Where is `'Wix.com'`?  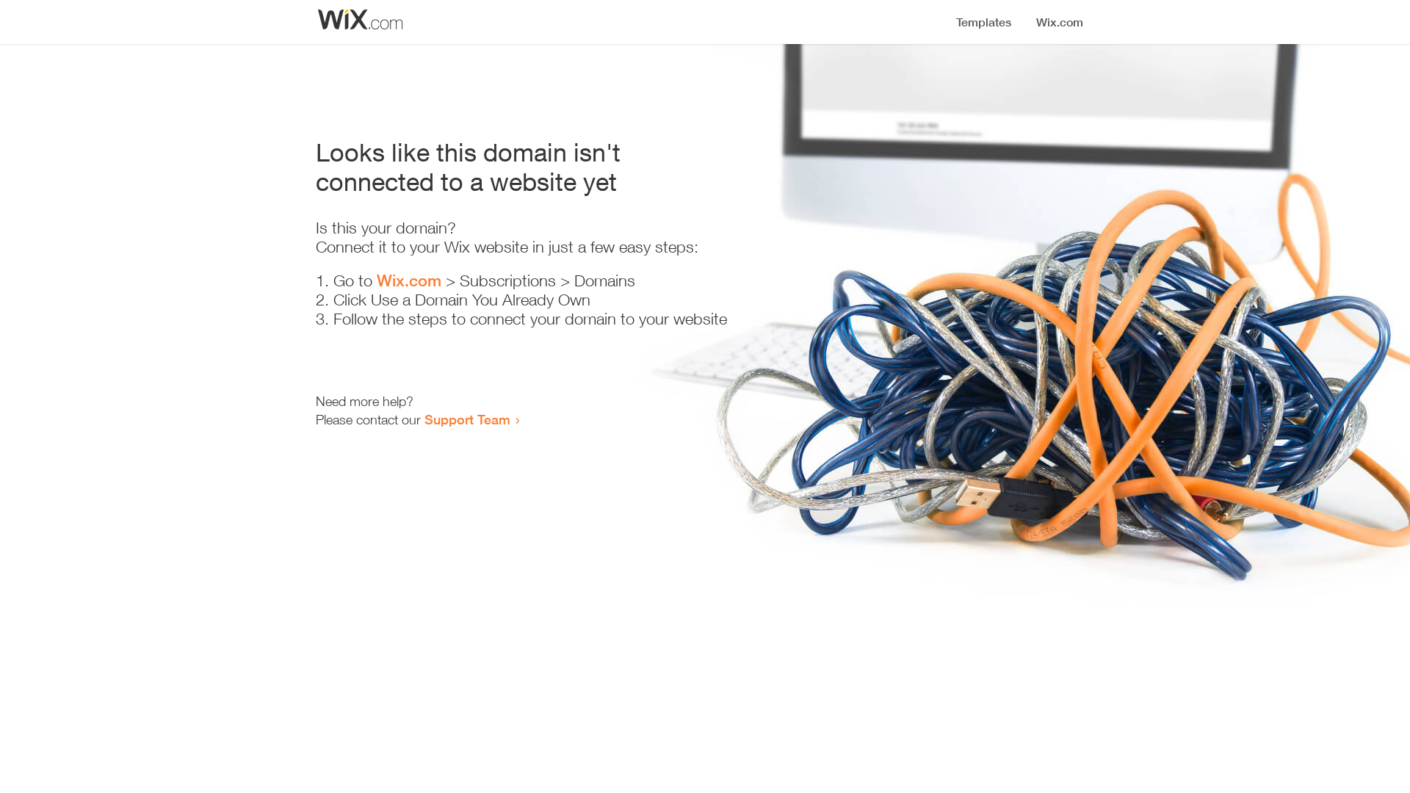 'Wix.com' is located at coordinates (408, 280).